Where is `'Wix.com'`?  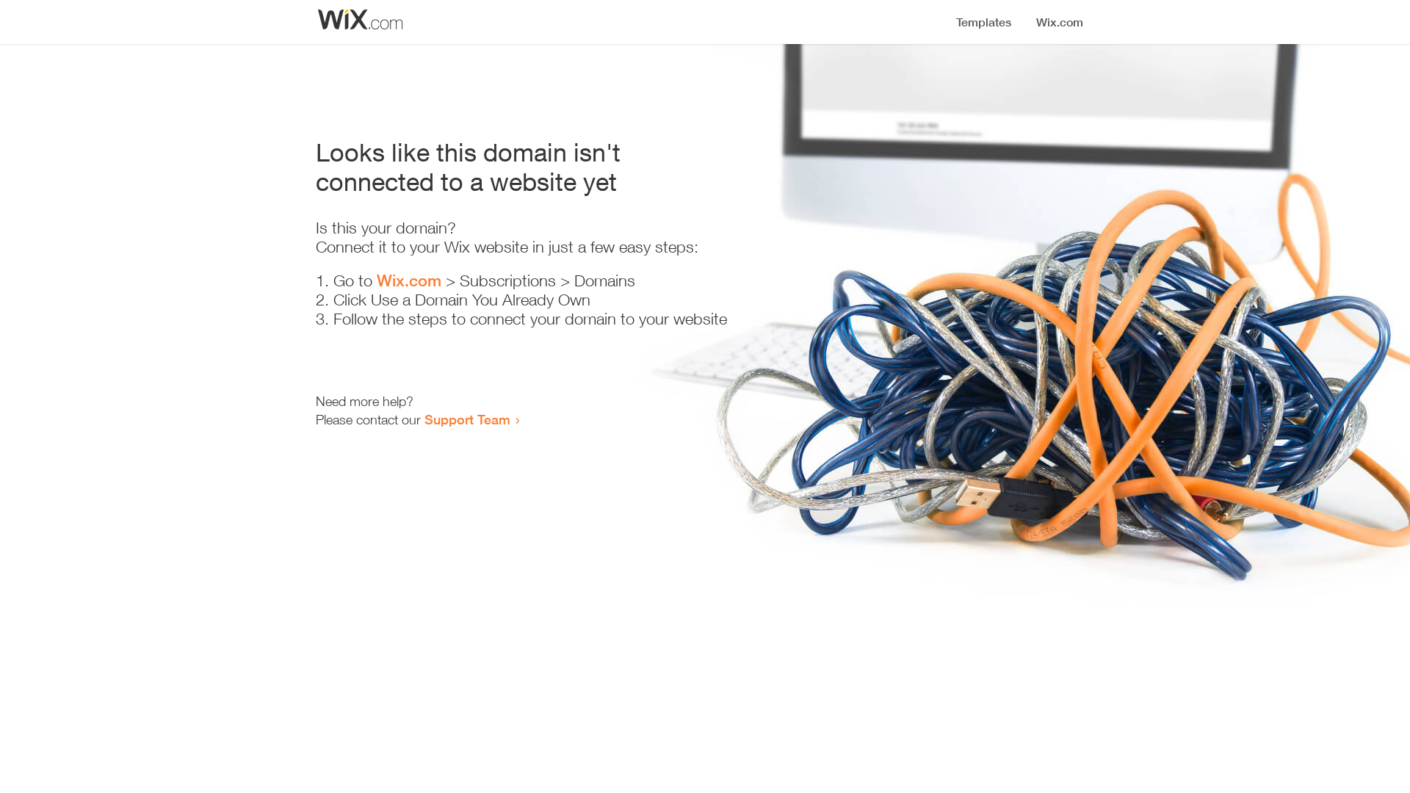 'Wix.com' is located at coordinates (408, 280).